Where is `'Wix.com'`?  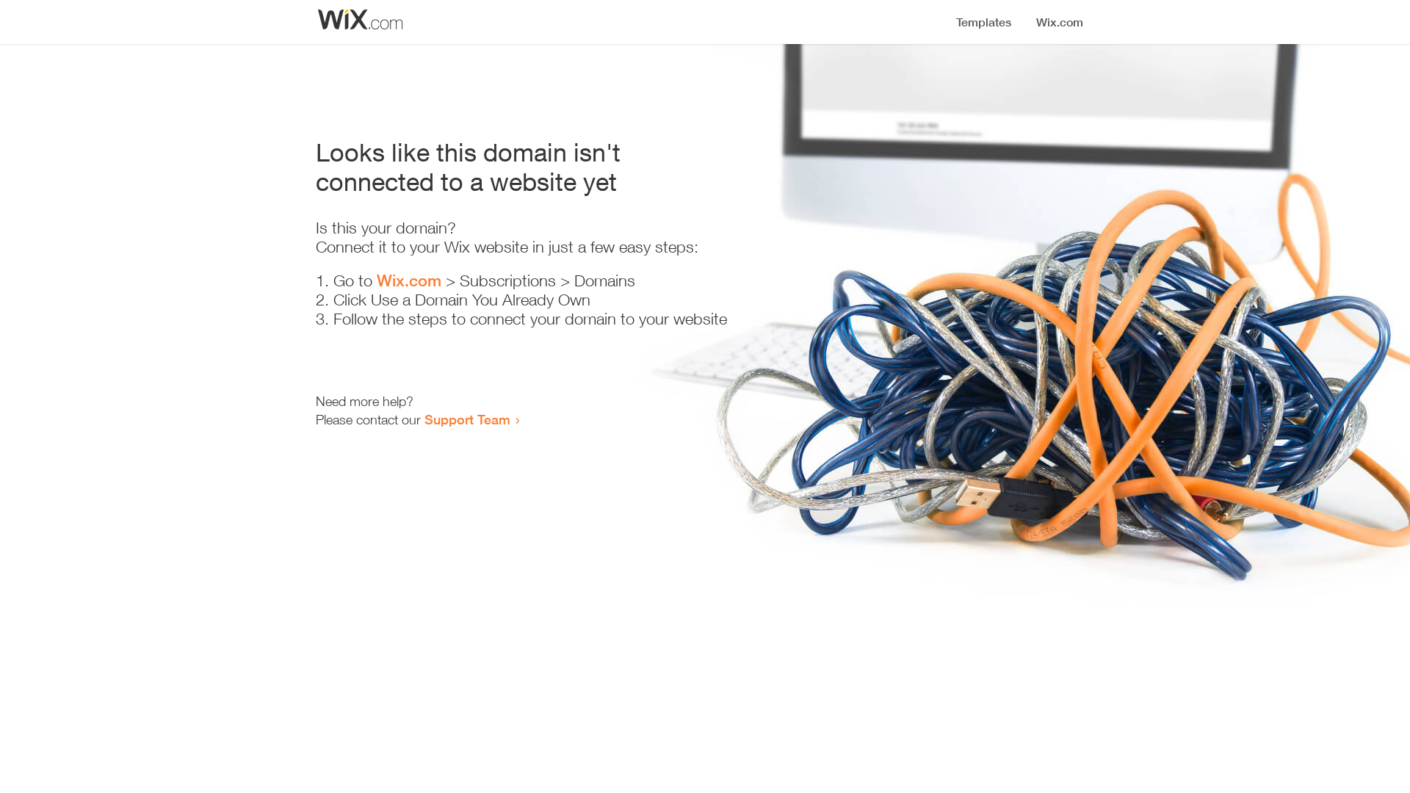 'Wix.com' is located at coordinates (408, 280).